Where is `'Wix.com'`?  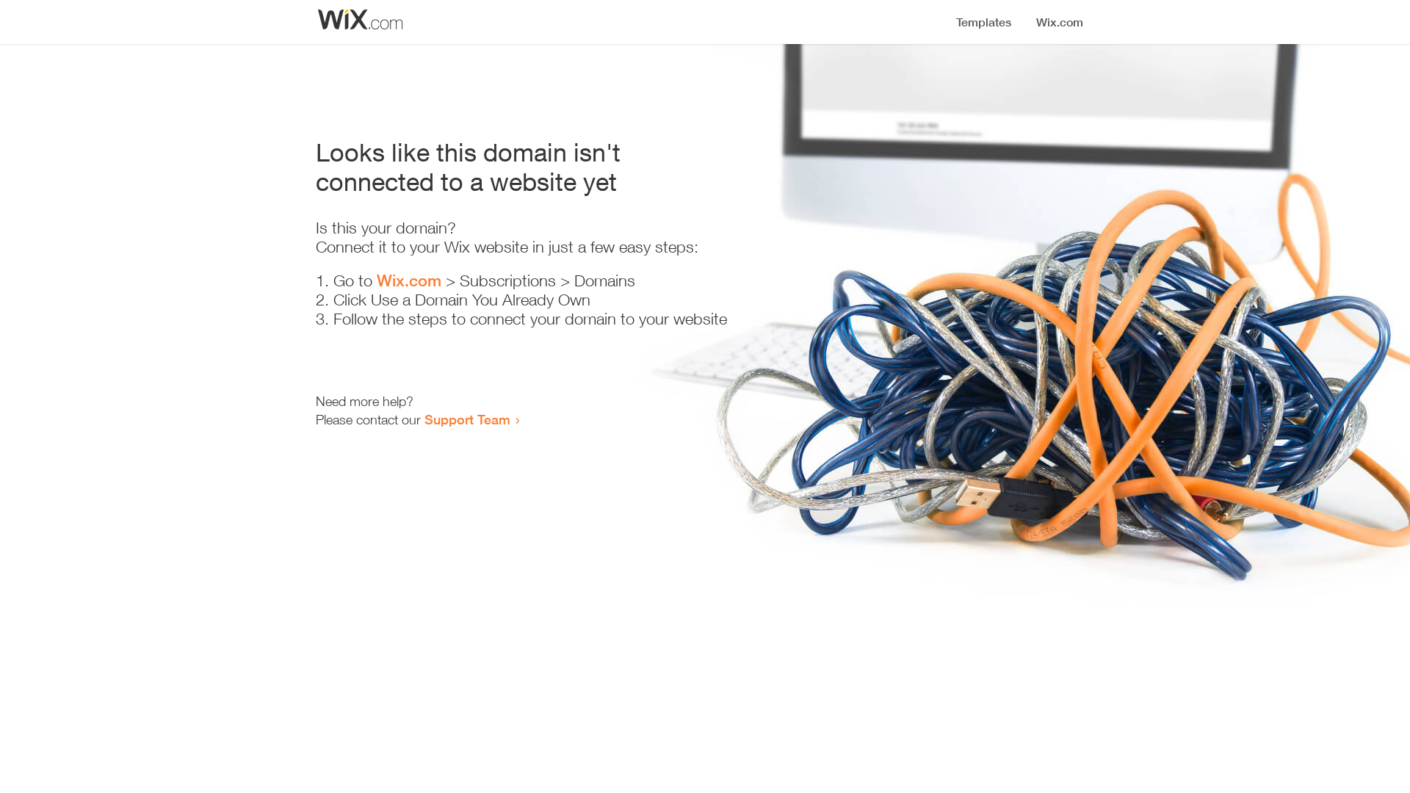 'Wix.com' is located at coordinates (408, 280).